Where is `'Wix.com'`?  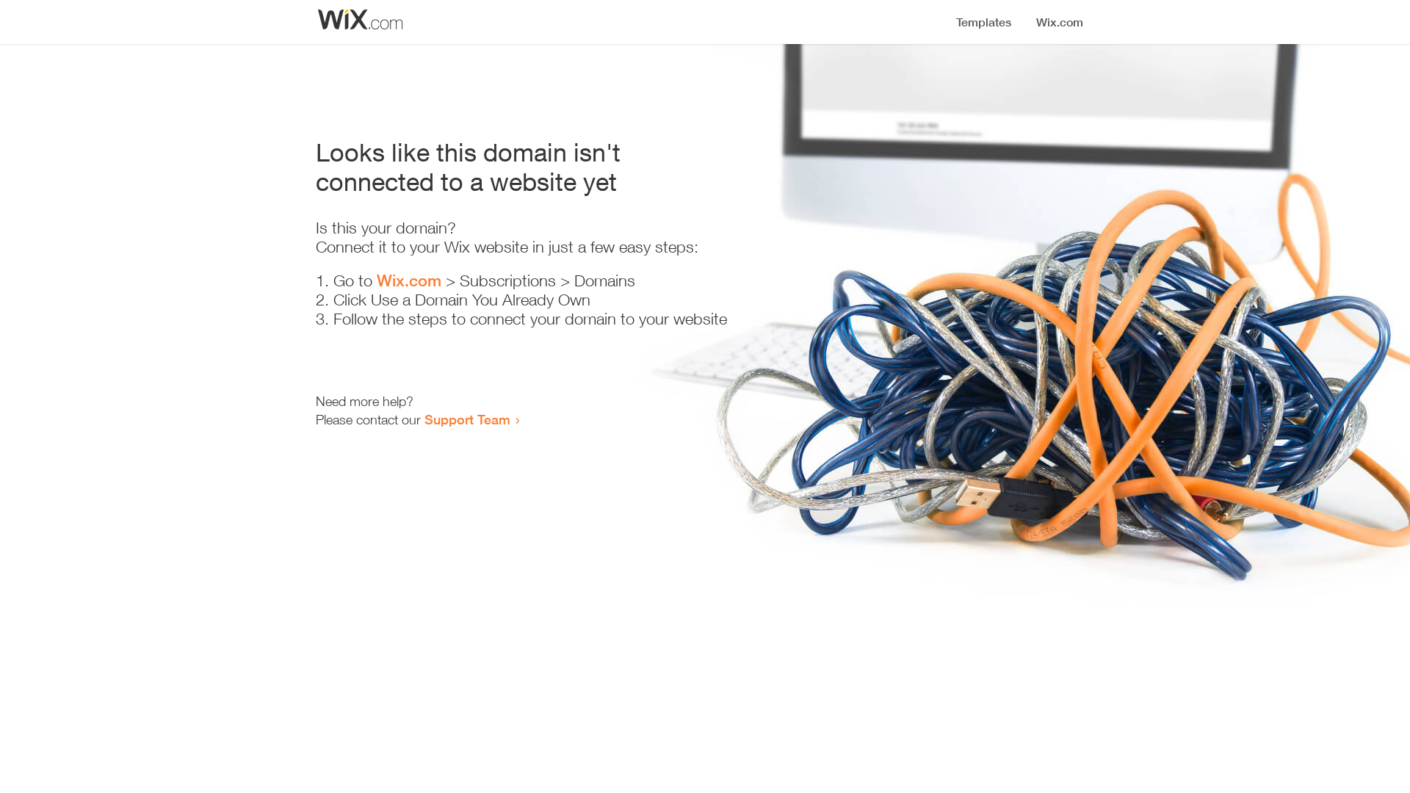 'Wix.com' is located at coordinates (408, 280).